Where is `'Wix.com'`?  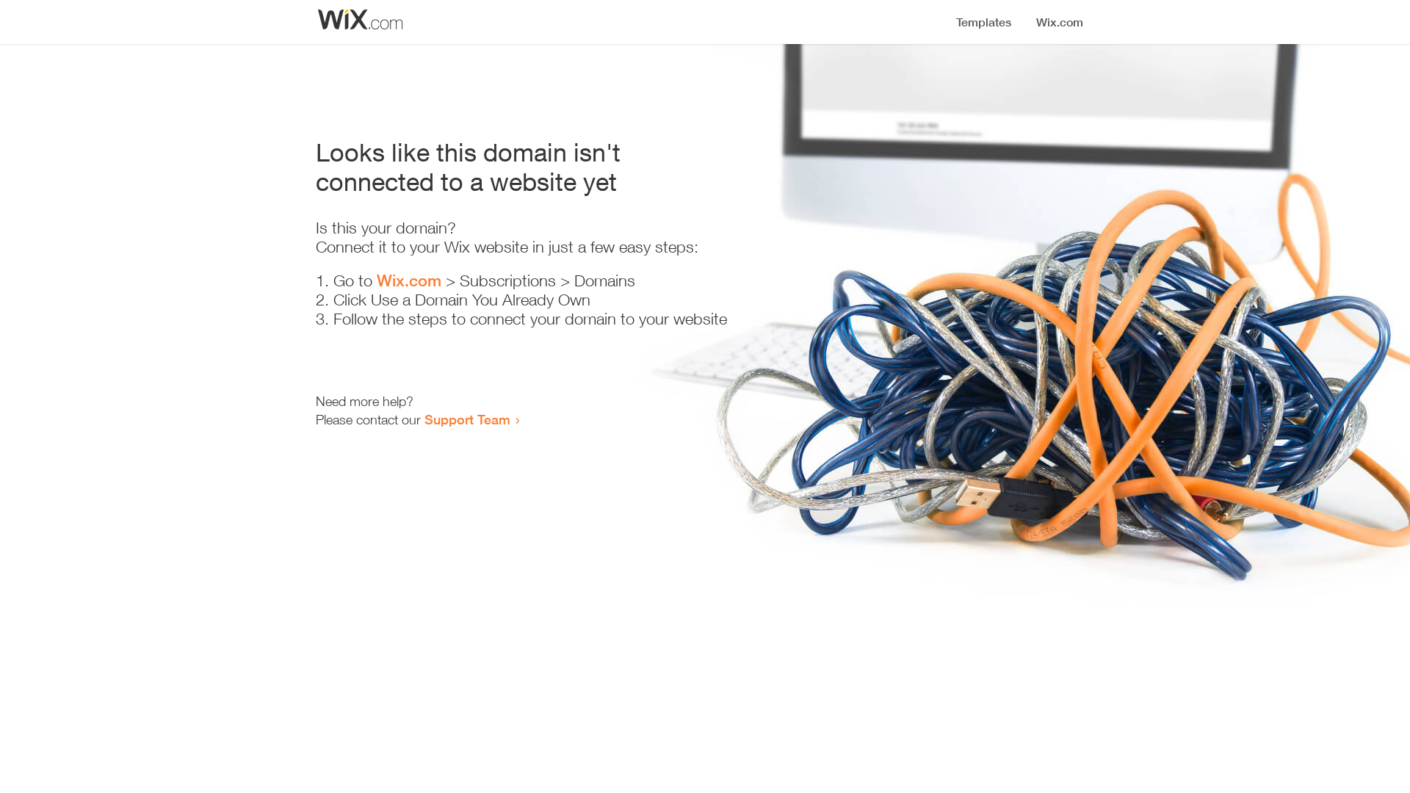 'Wix.com' is located at coordinates (408, 280).